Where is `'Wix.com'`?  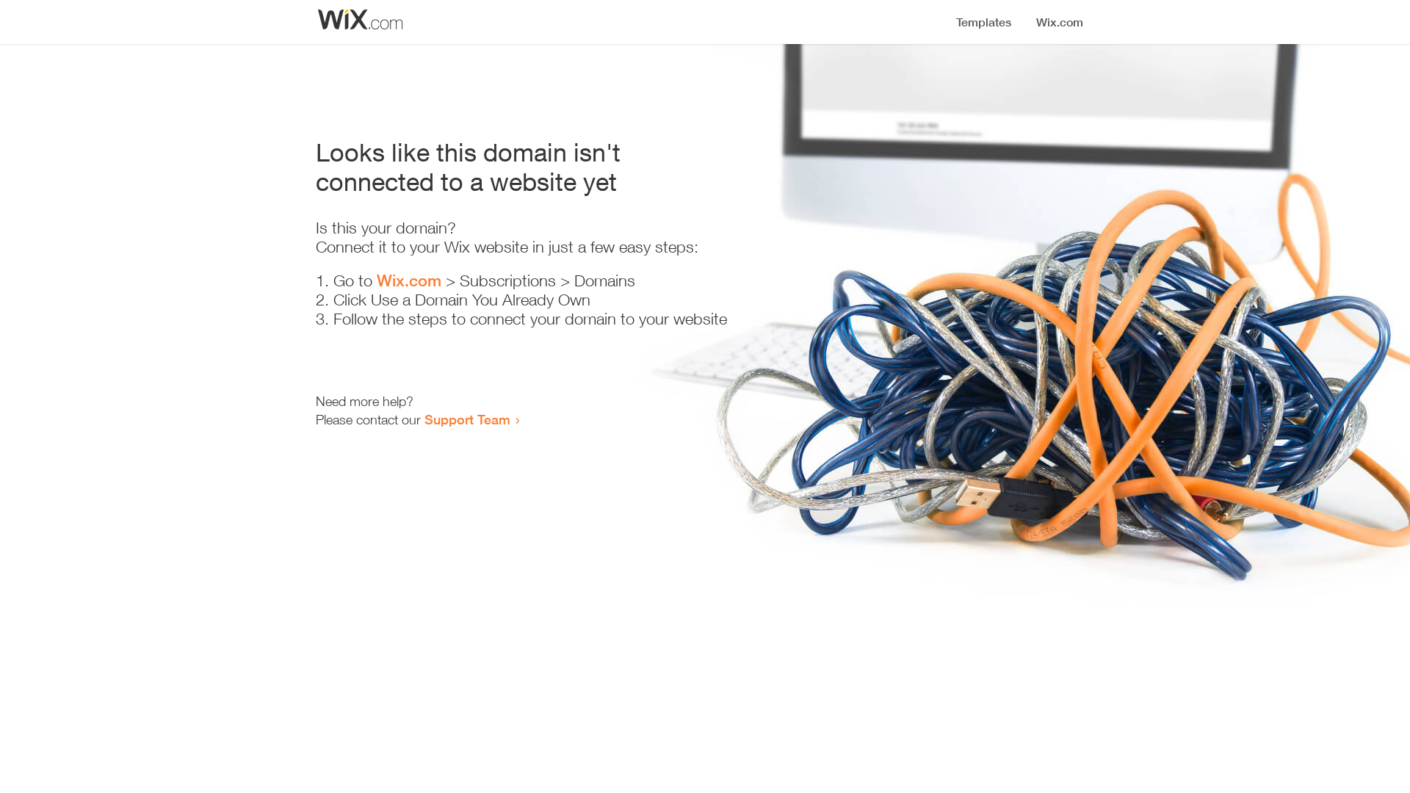 'Wix.com' is located at coordinates (408, 280).